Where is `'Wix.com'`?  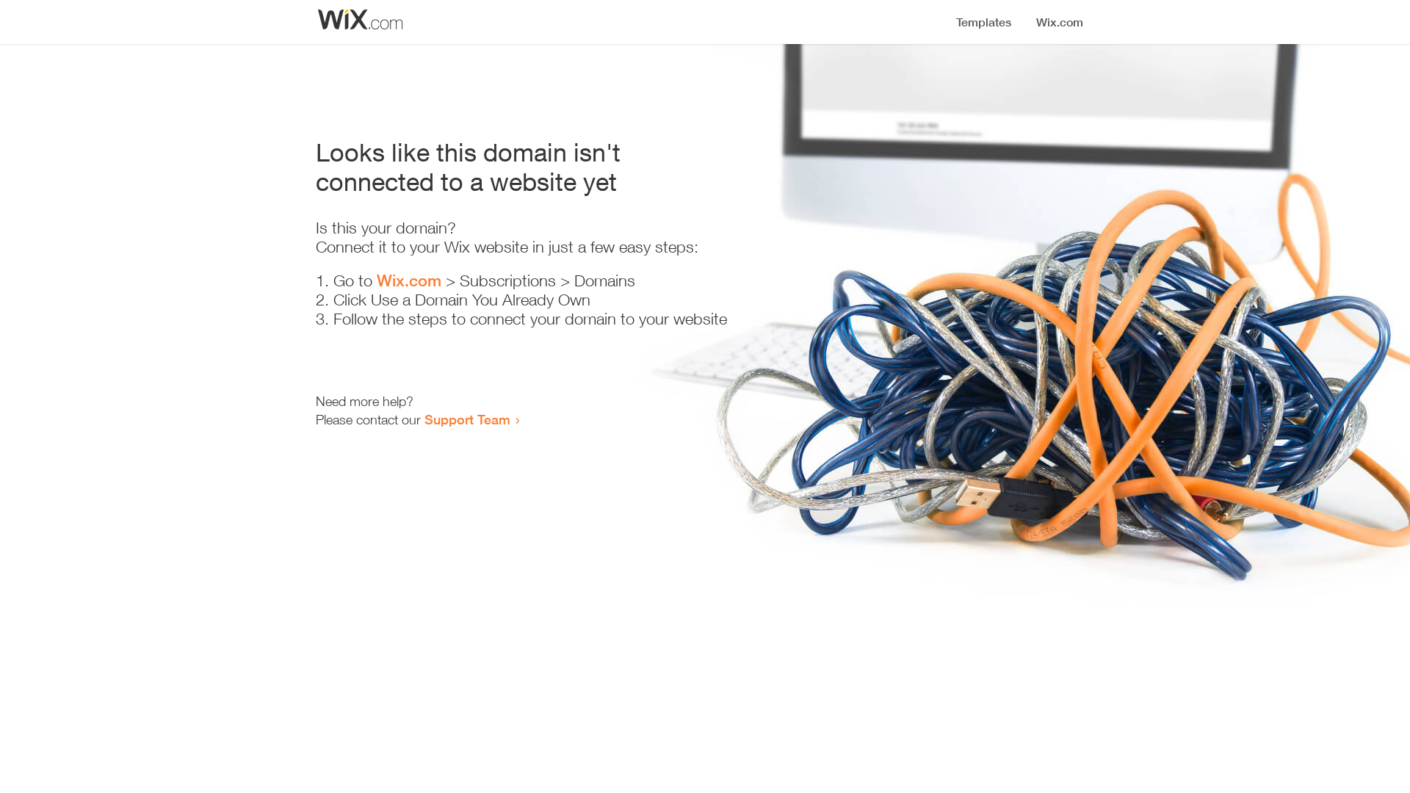 'Wix.com' is located at coordinates (408, 280).